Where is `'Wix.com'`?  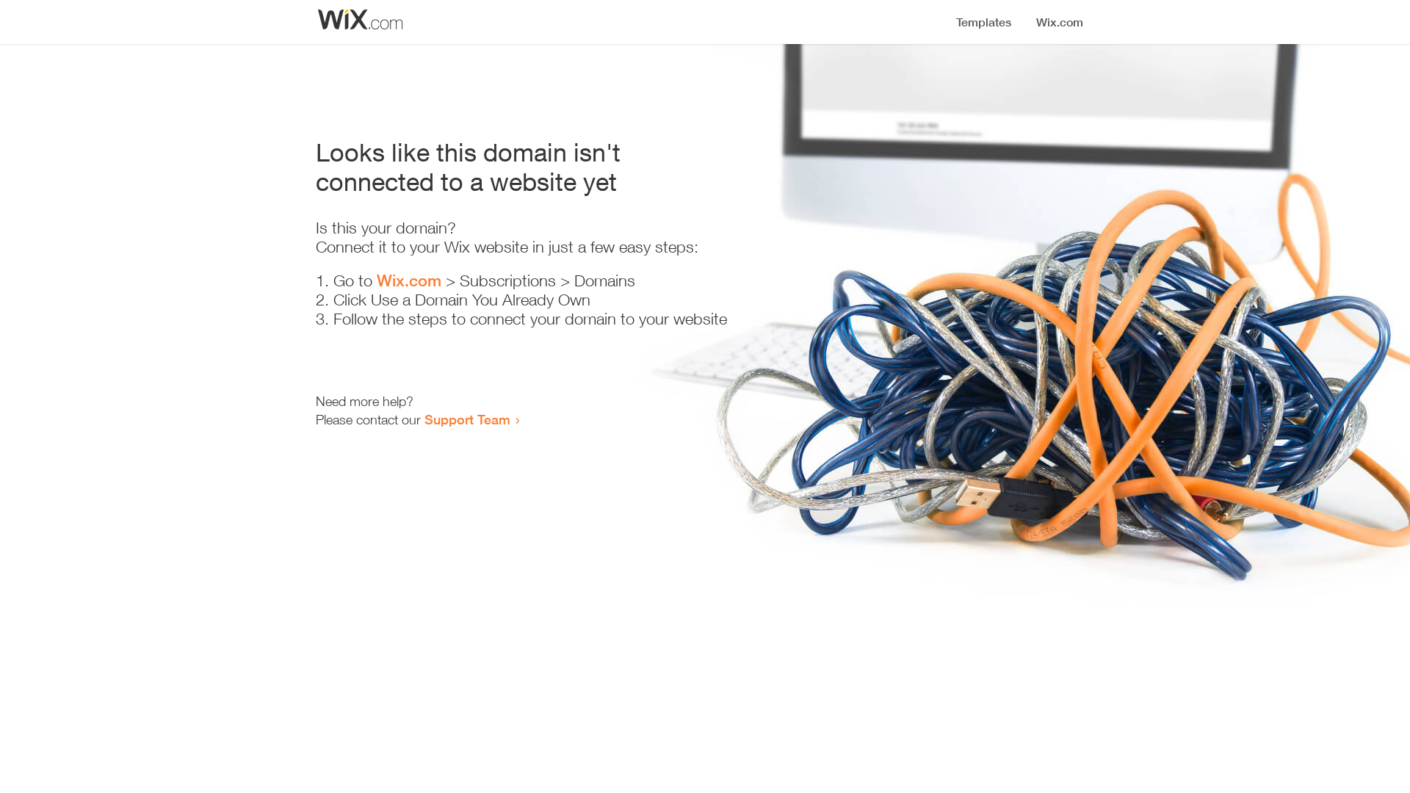 'Wix.com' is located at coordinates (408, 280).